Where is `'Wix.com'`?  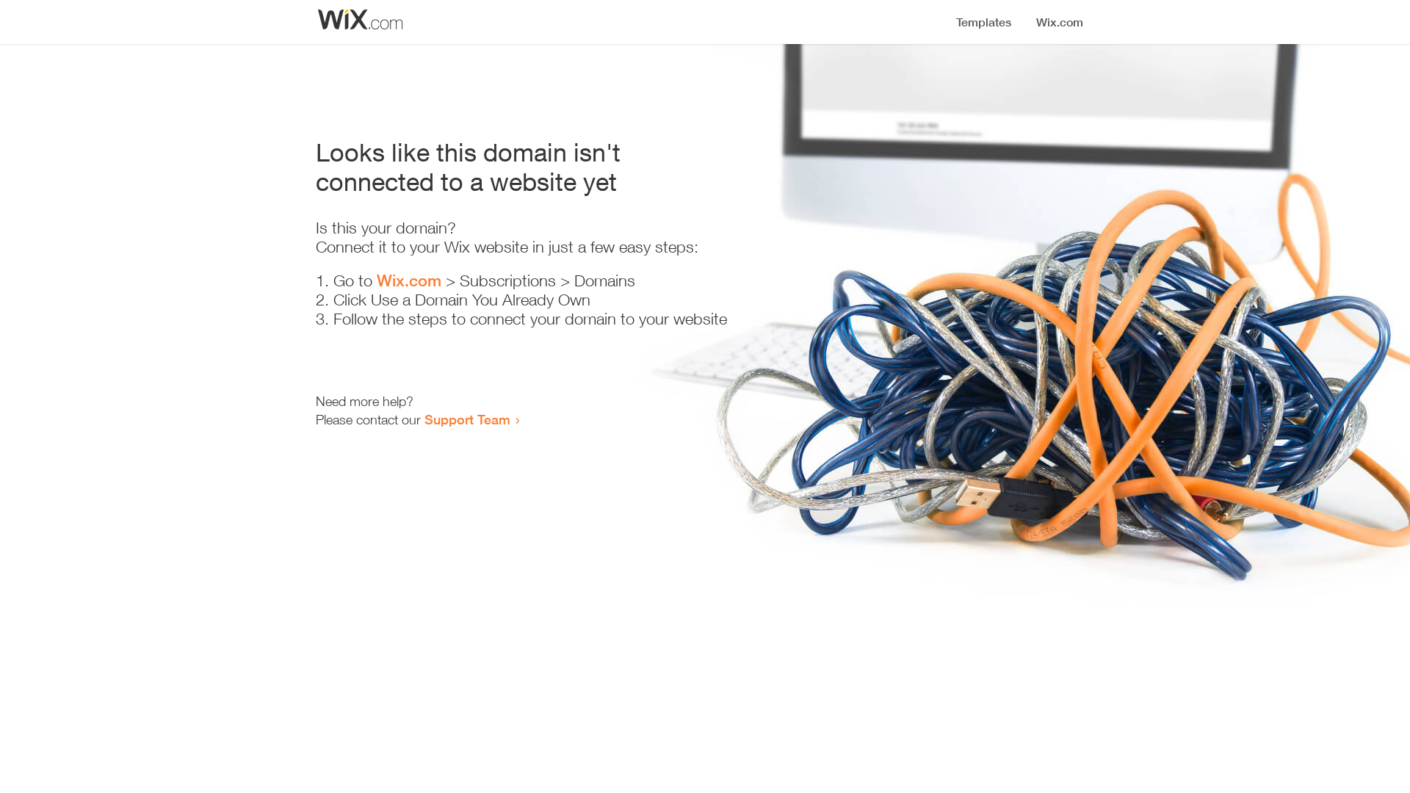 'Wix.com' is located at coordinates (408, 280).